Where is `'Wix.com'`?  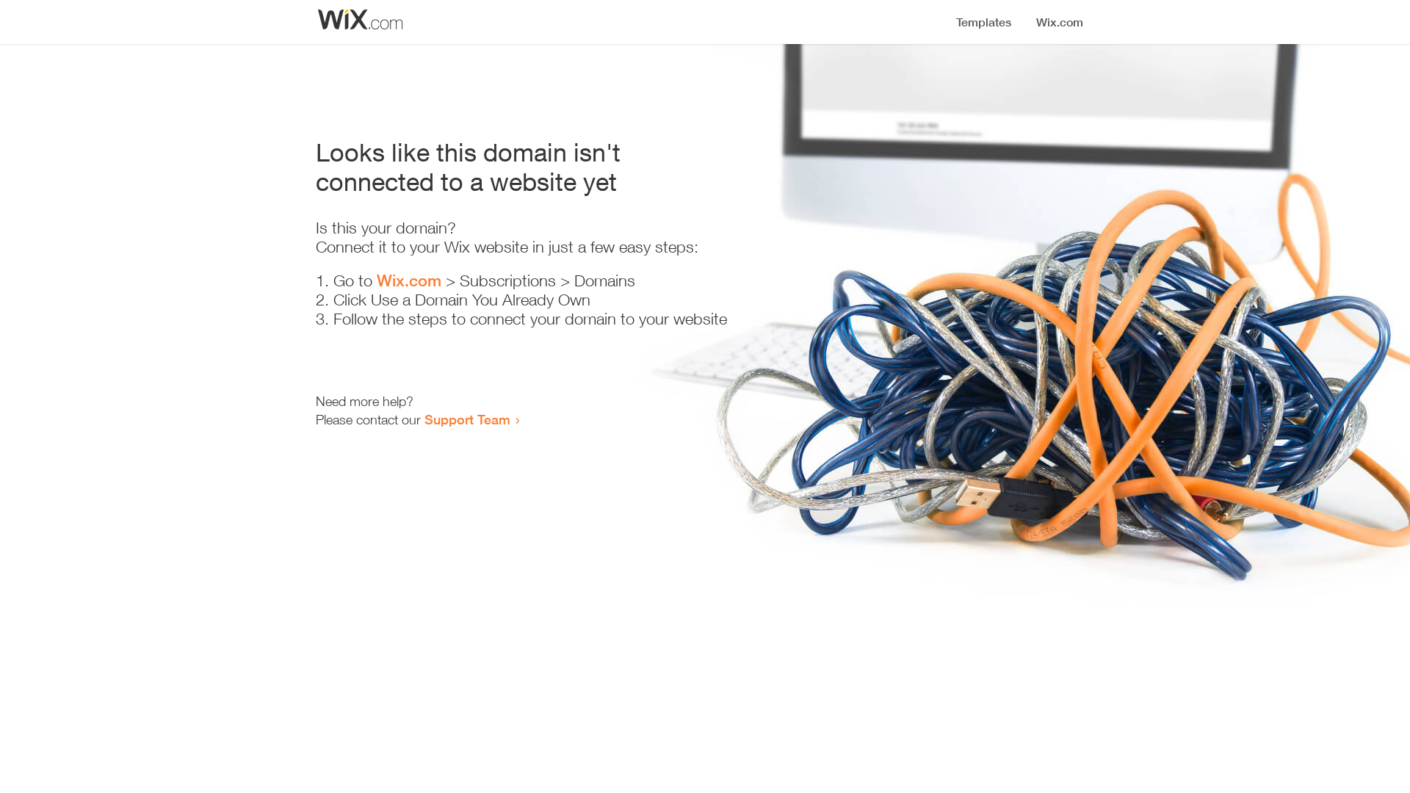 'Wix.com' is located at coordinates (408, 280).